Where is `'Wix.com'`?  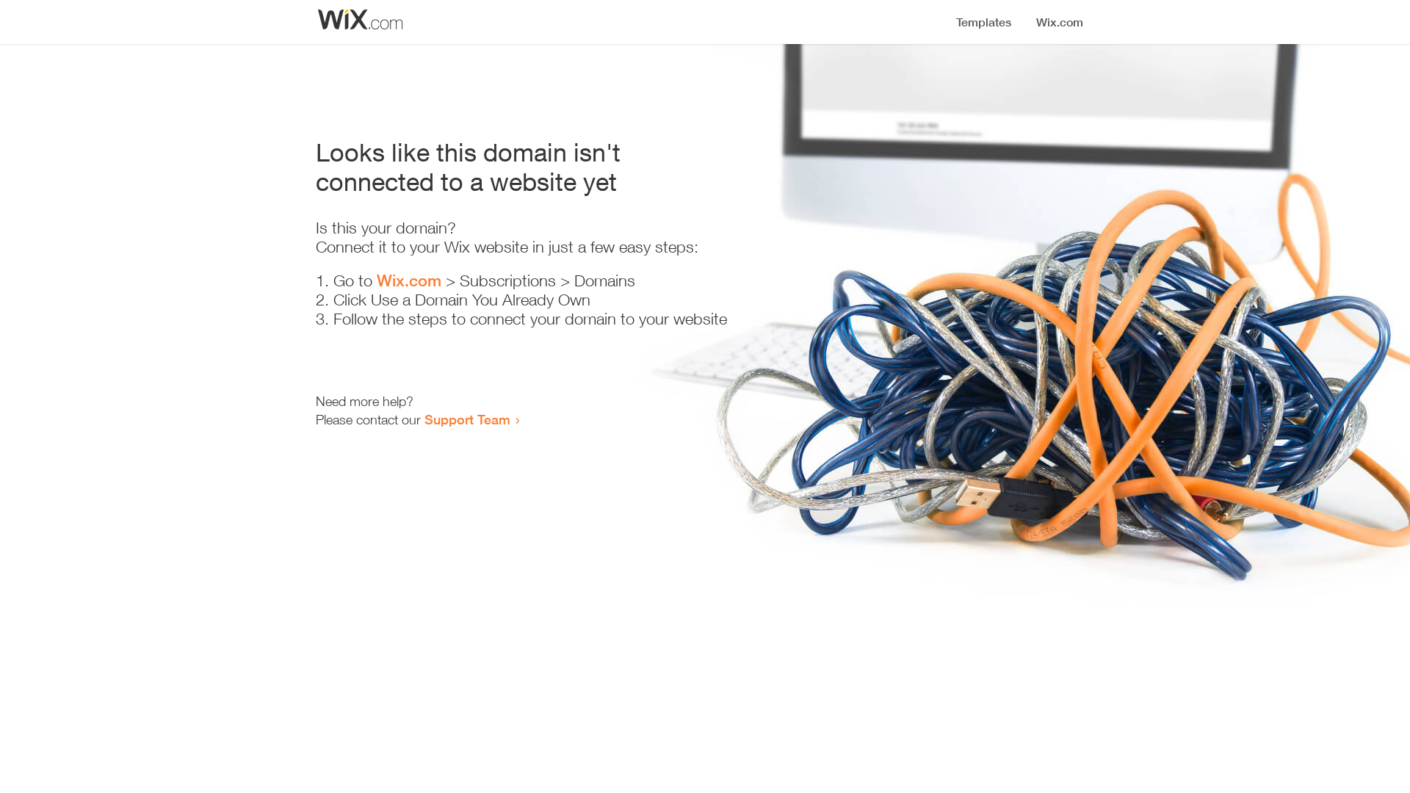 'Wix.com' is located at coordinates (408, 280).